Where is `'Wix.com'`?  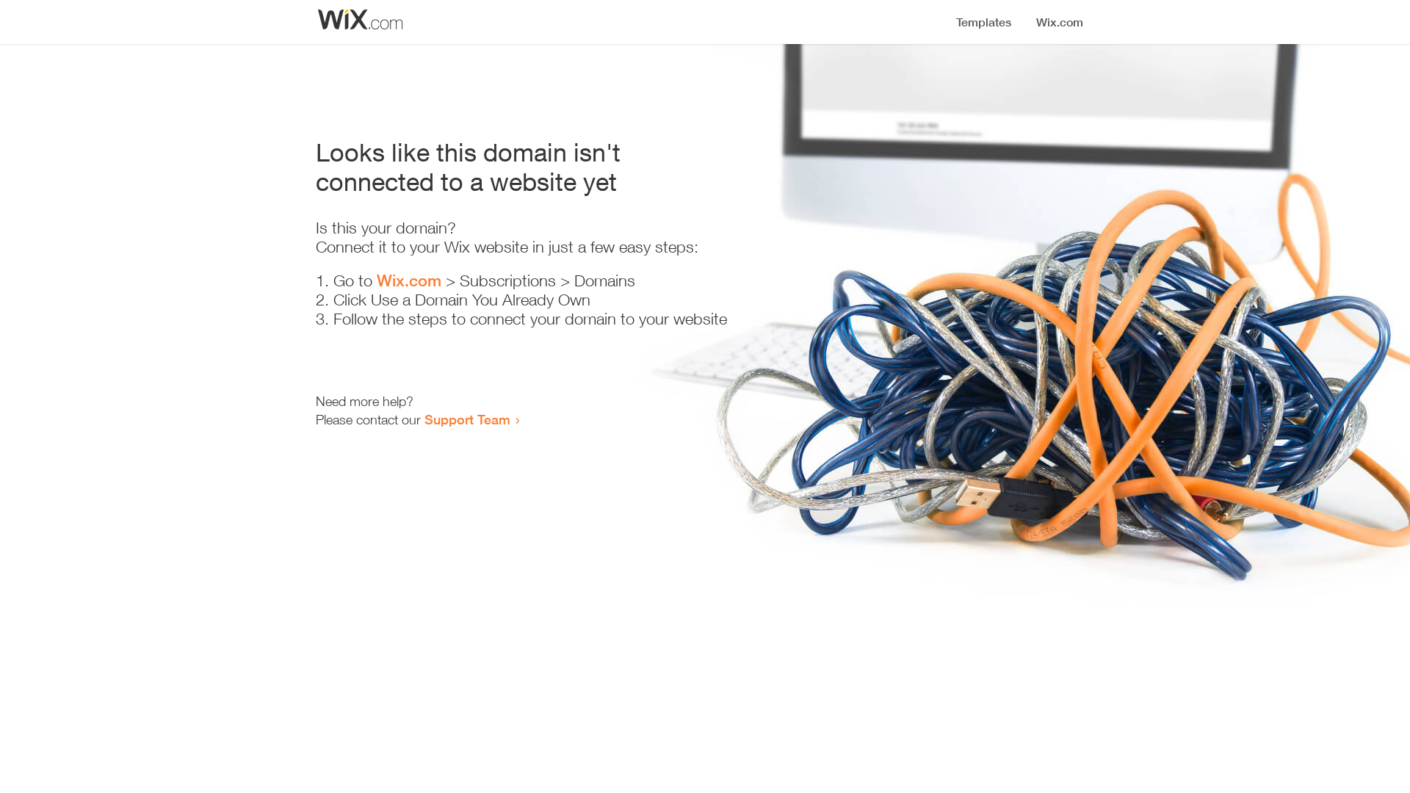 'Wix.com' is located at coordinates (408, 280).